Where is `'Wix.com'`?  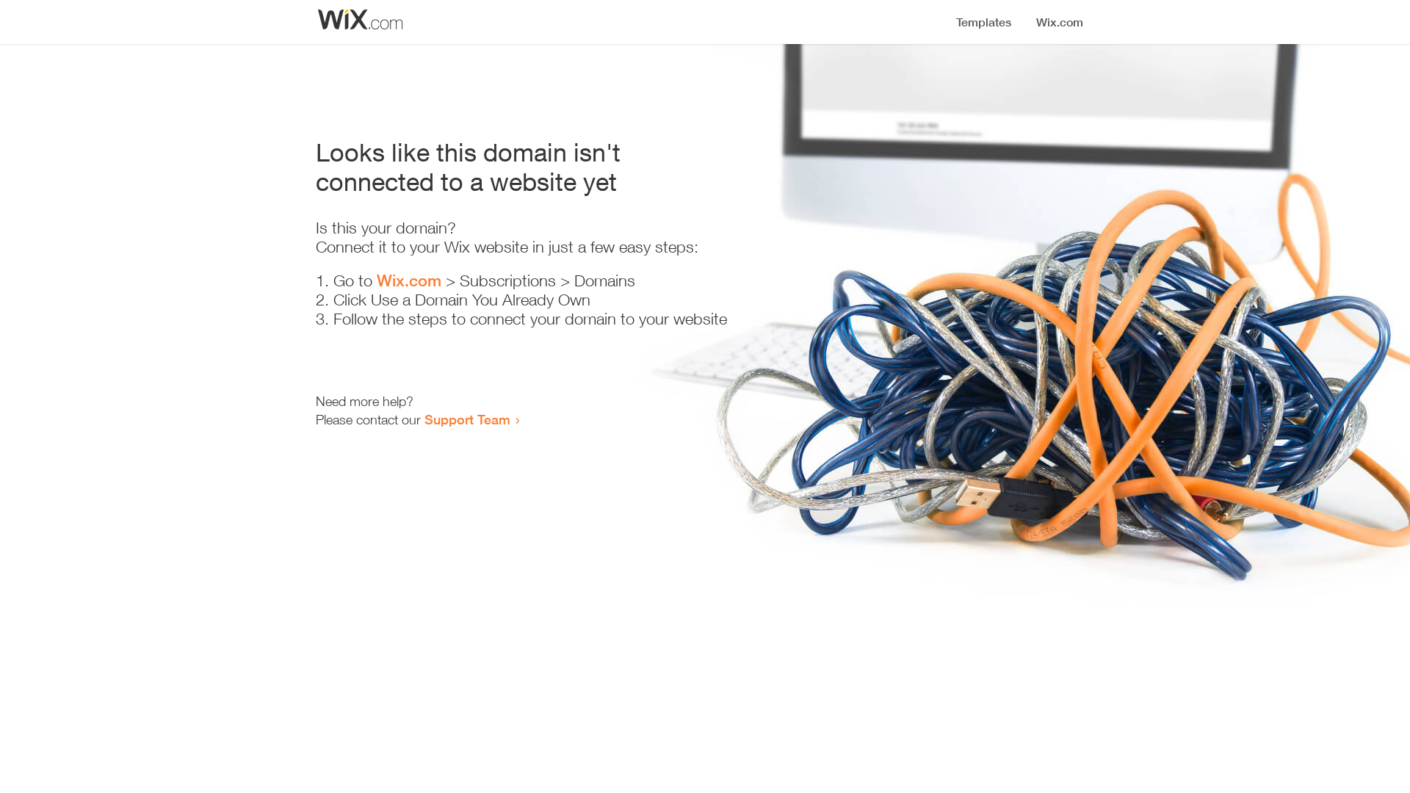 'Wix.com' is located at coordinates (408, 280).